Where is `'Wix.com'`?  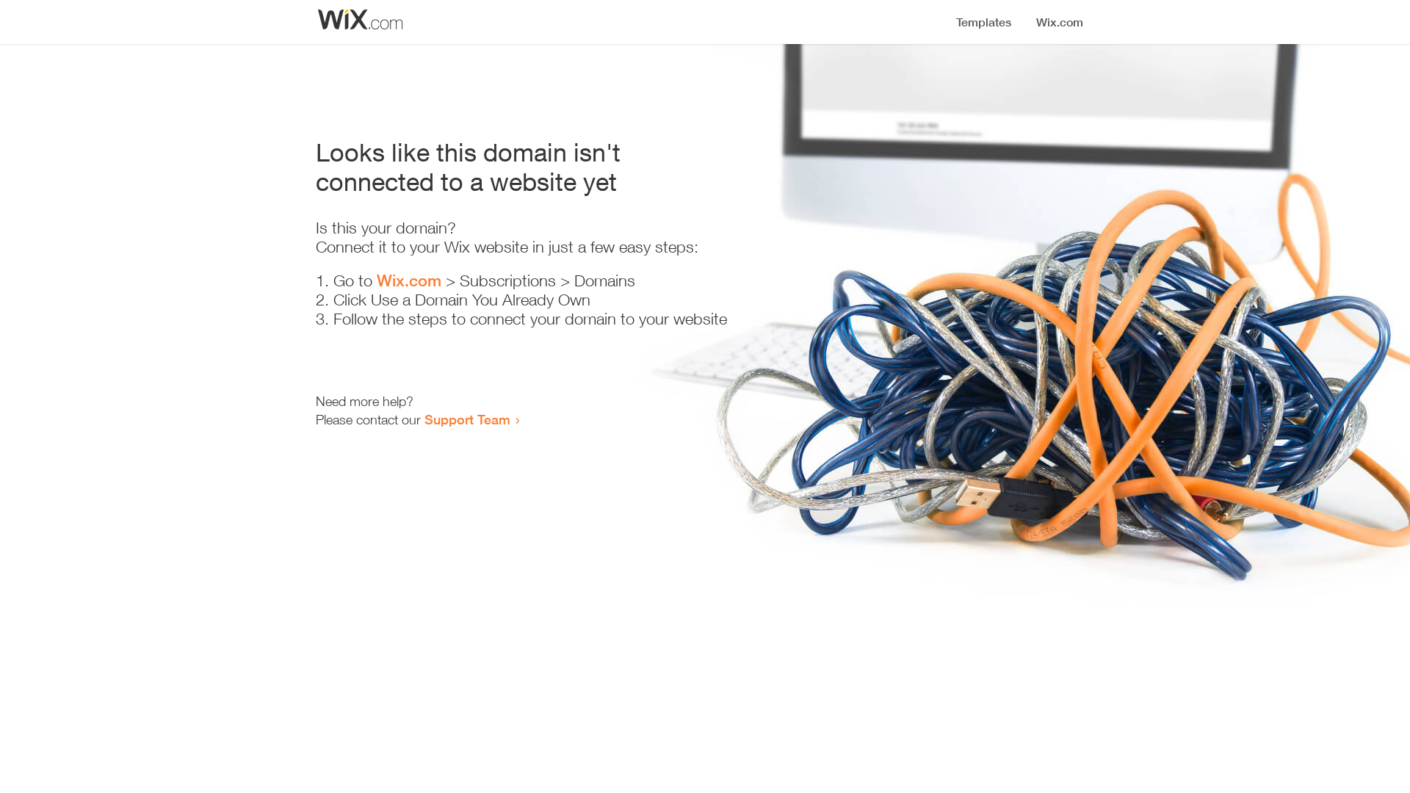 'Wix.com' is located at coordinates (408, 280).